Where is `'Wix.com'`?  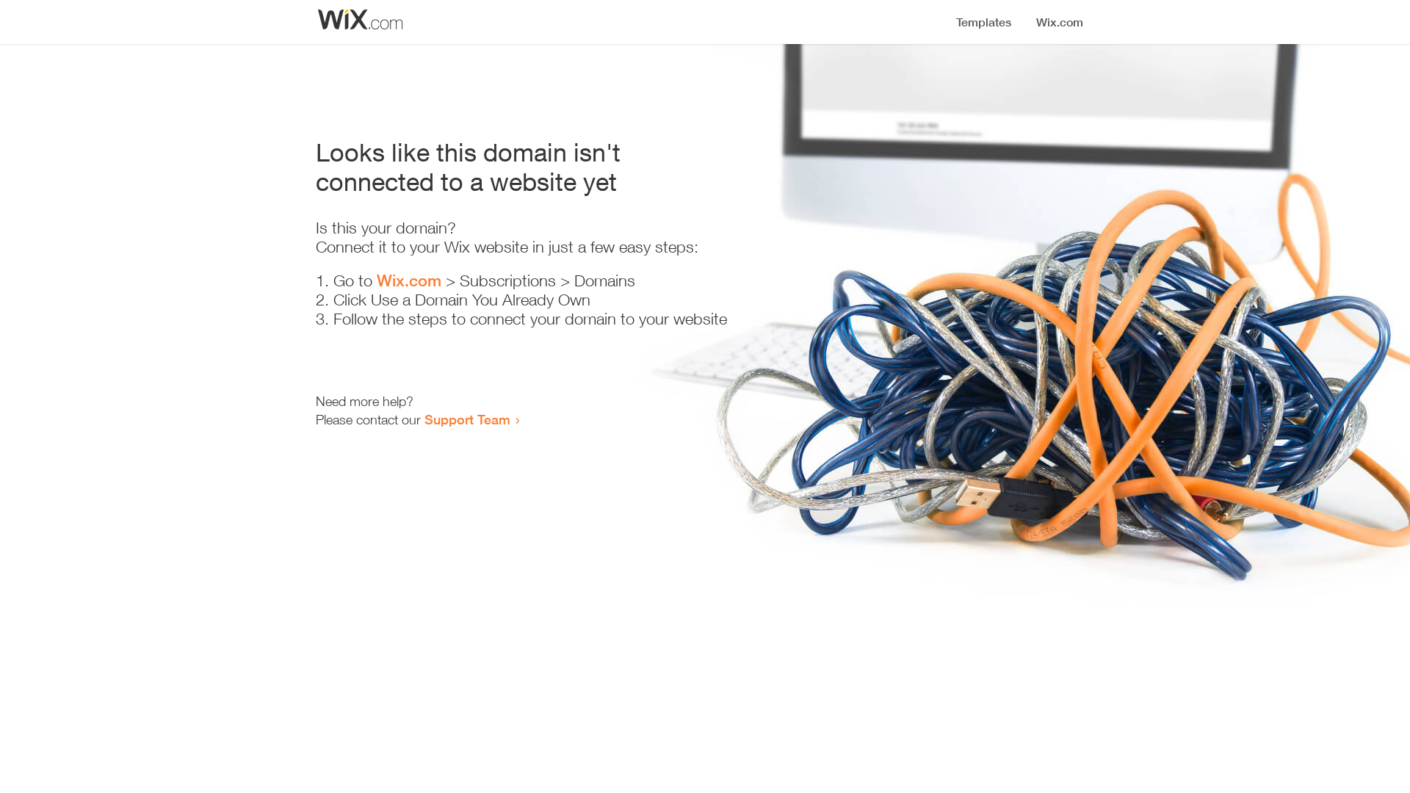 'Wix.com' is located at coordinates (408, 280).